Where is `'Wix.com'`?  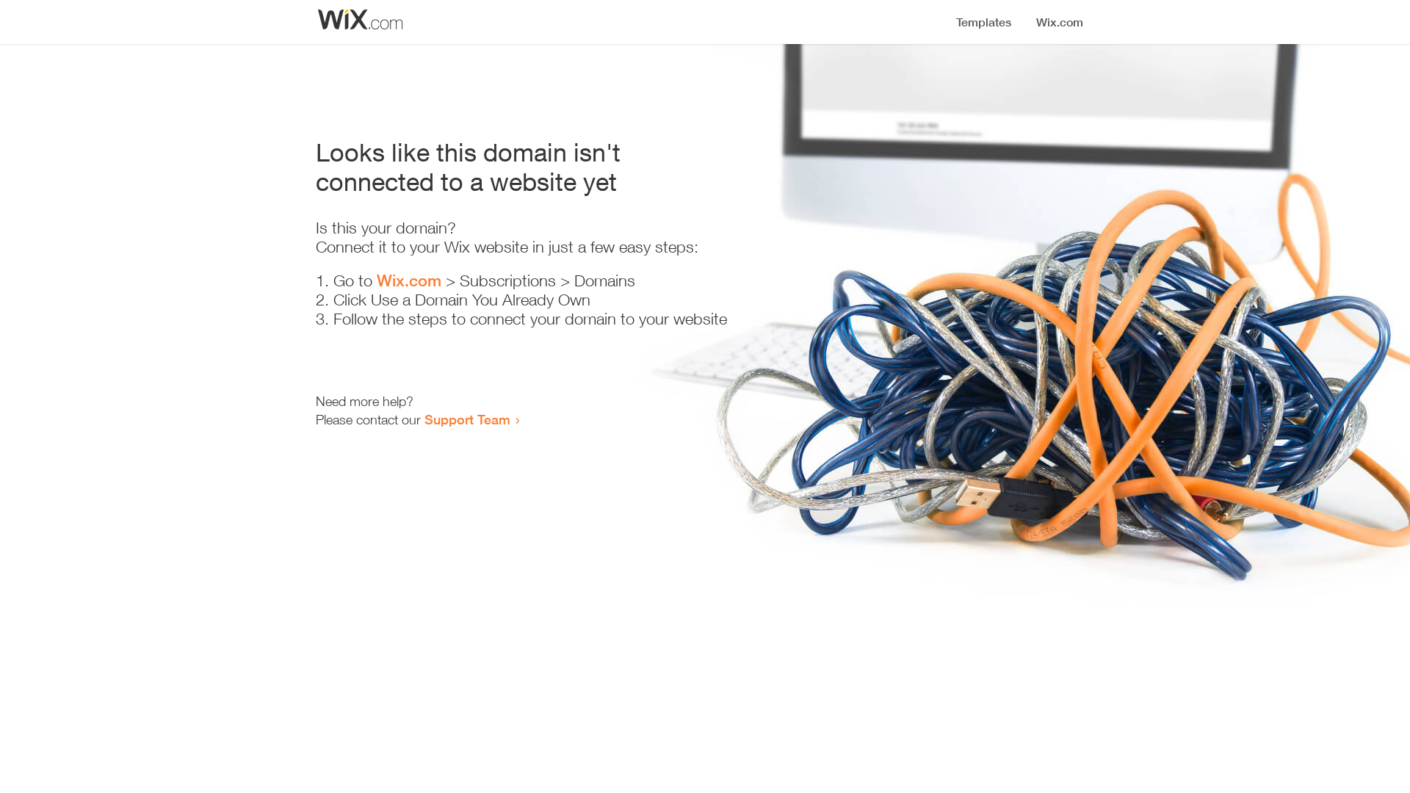 'Wix.com' is located at coordinates (408, 280).